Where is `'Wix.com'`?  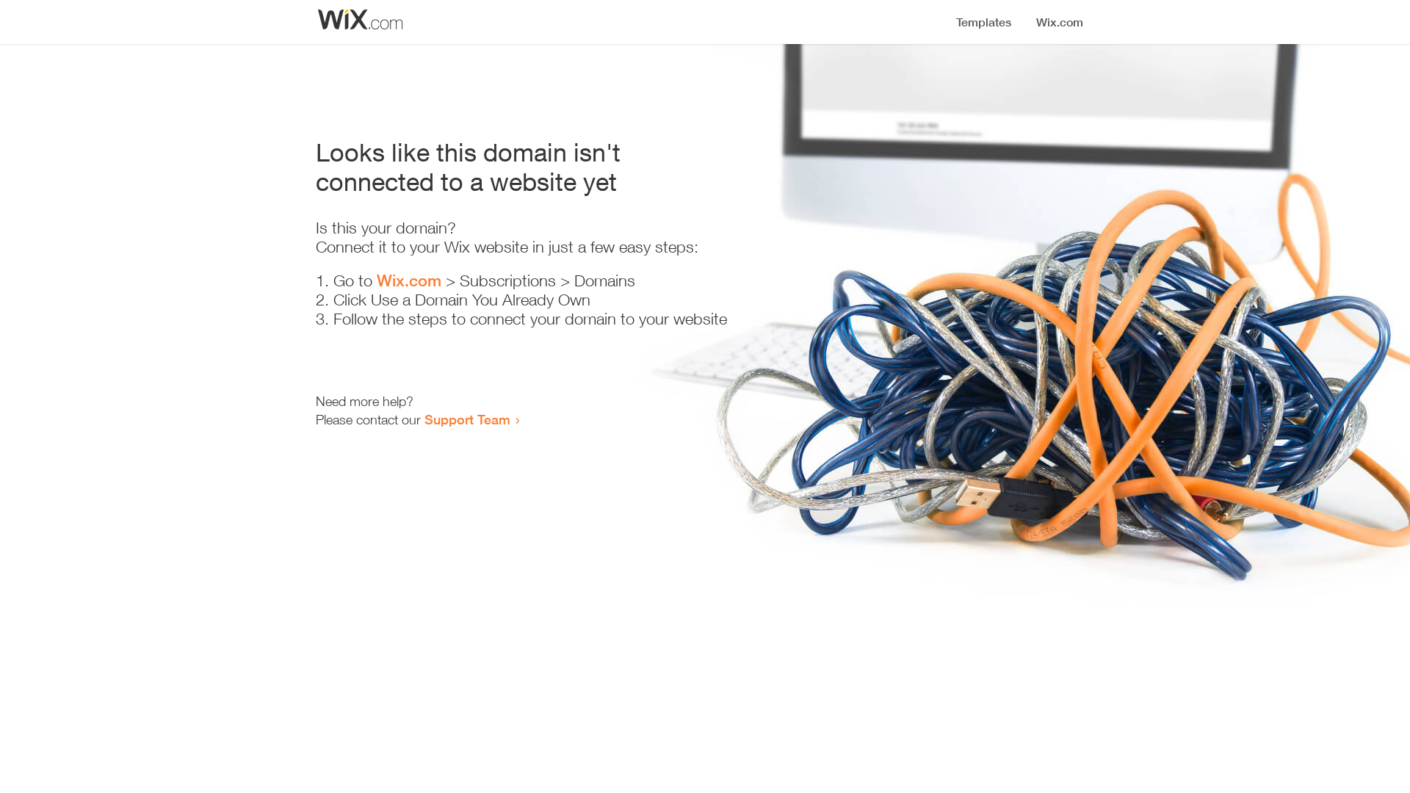 'Wix.com' is located at coordinates (408, 280).